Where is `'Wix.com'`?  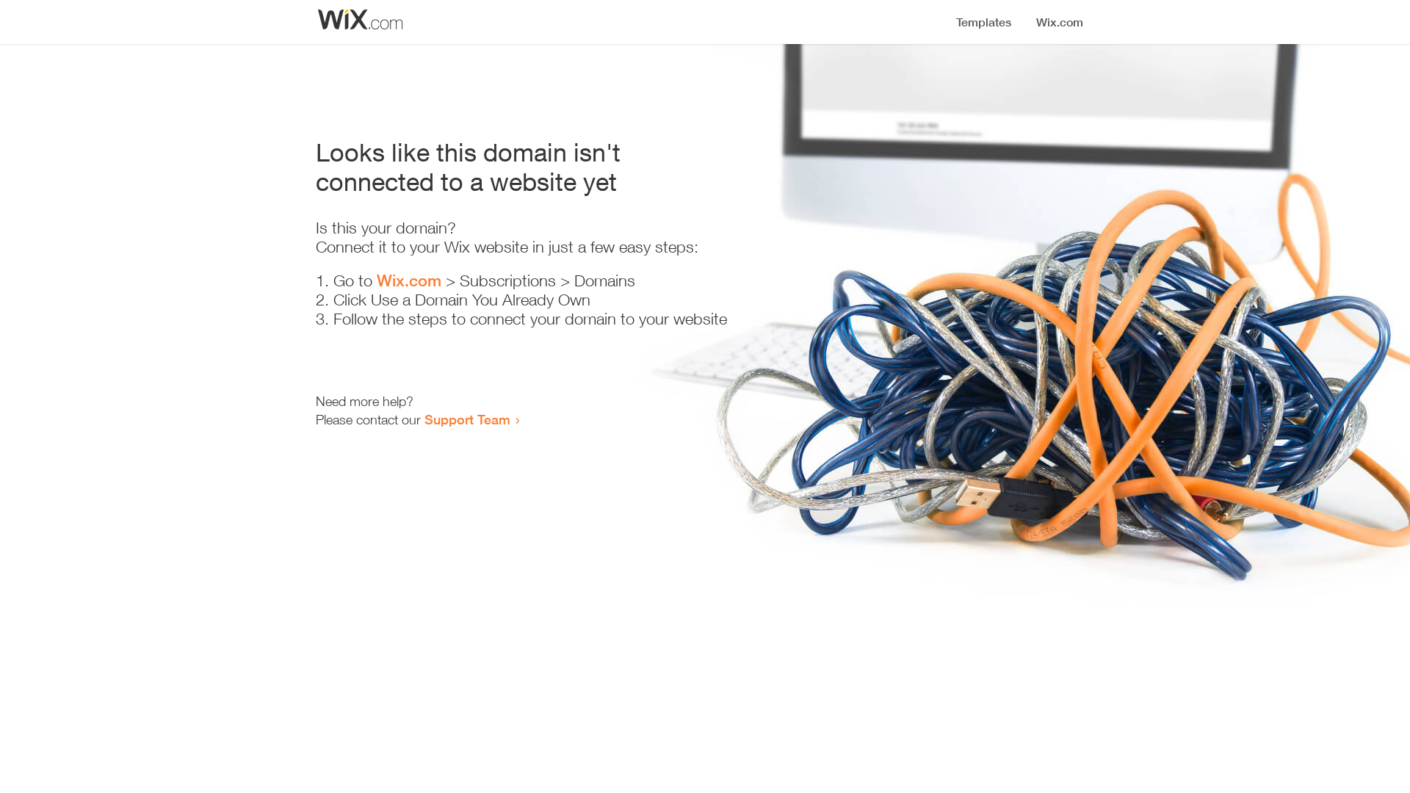 'Wix.com' is located at coordinates (408, 280).